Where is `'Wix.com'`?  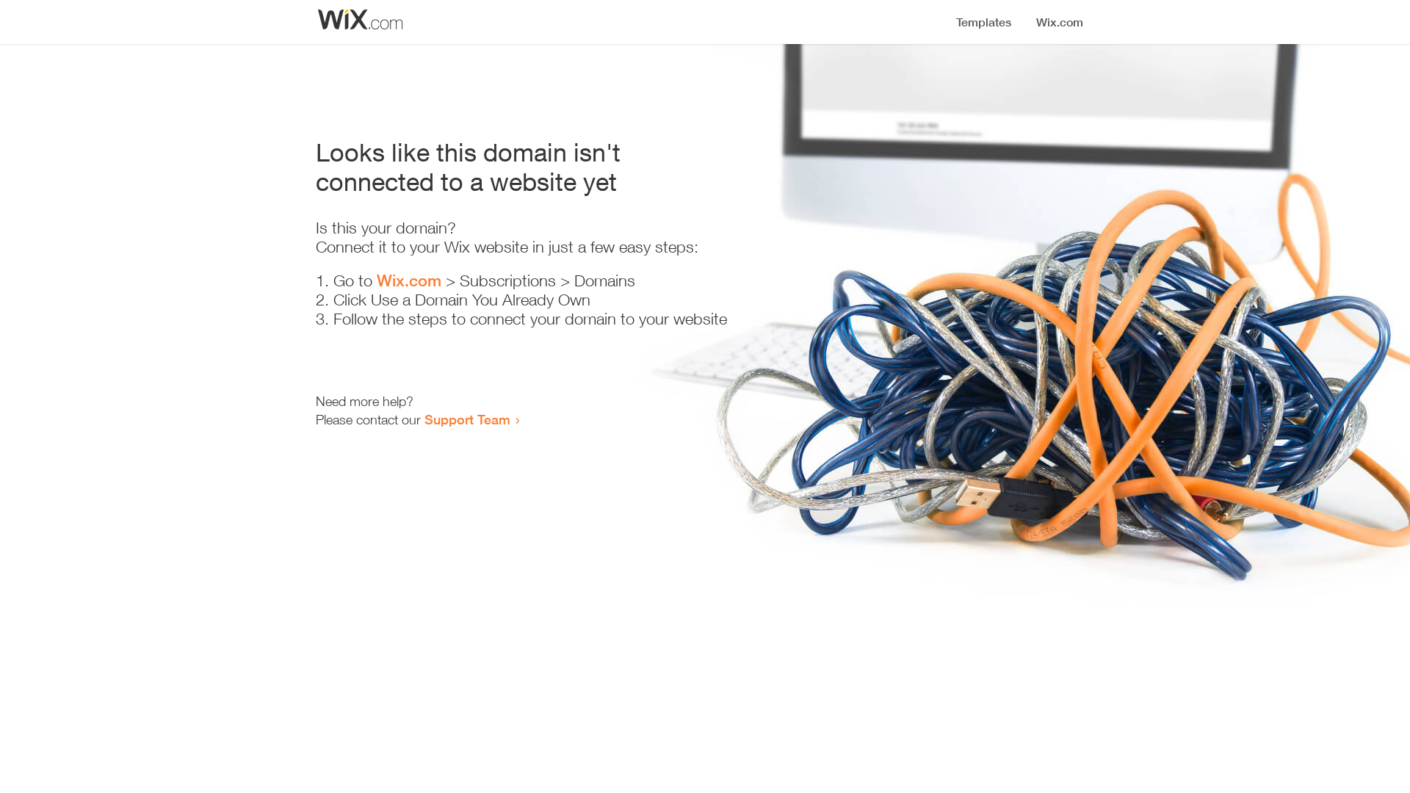 'Wix.com' is located at coordinates (408, 280).